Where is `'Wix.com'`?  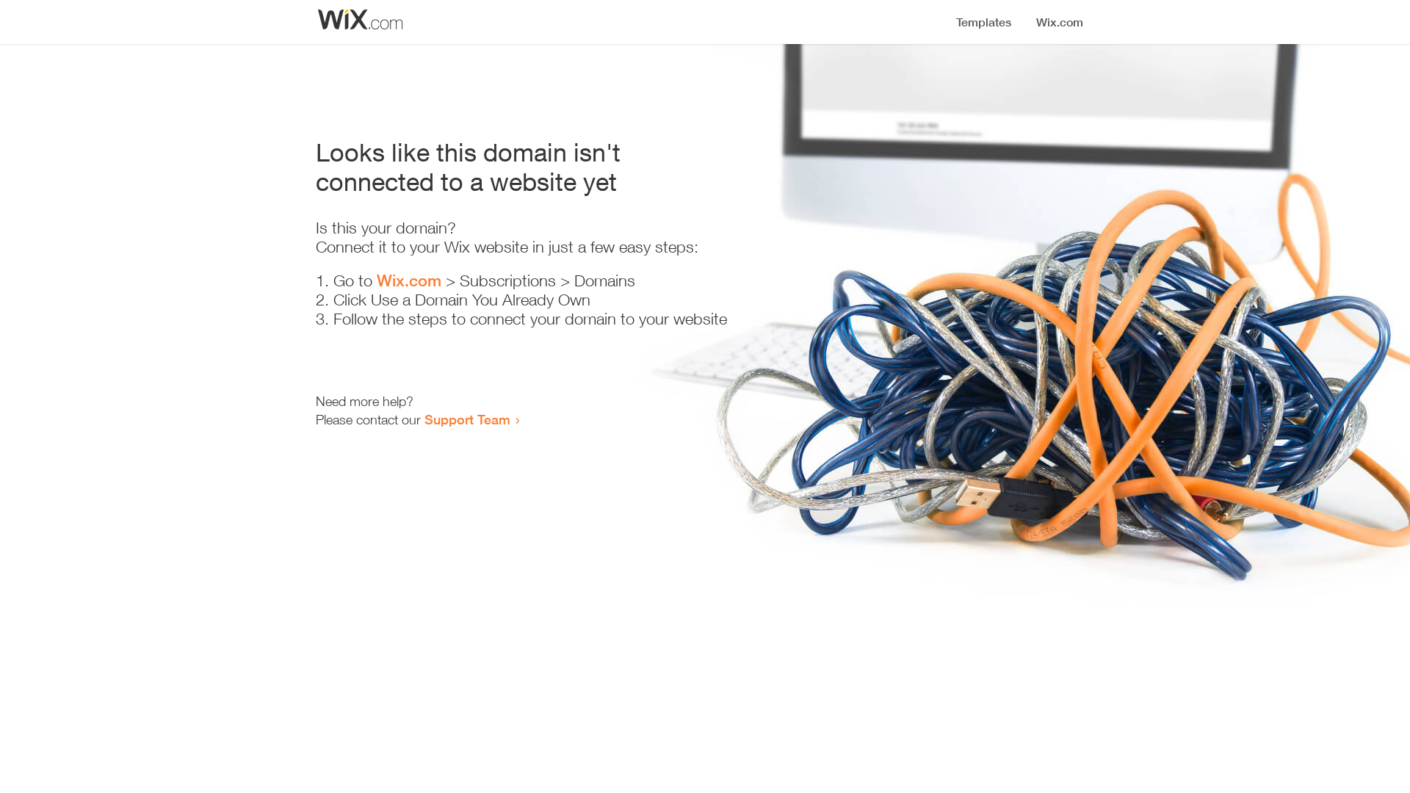 'Wix.com' is located at coordinates (408, 280).